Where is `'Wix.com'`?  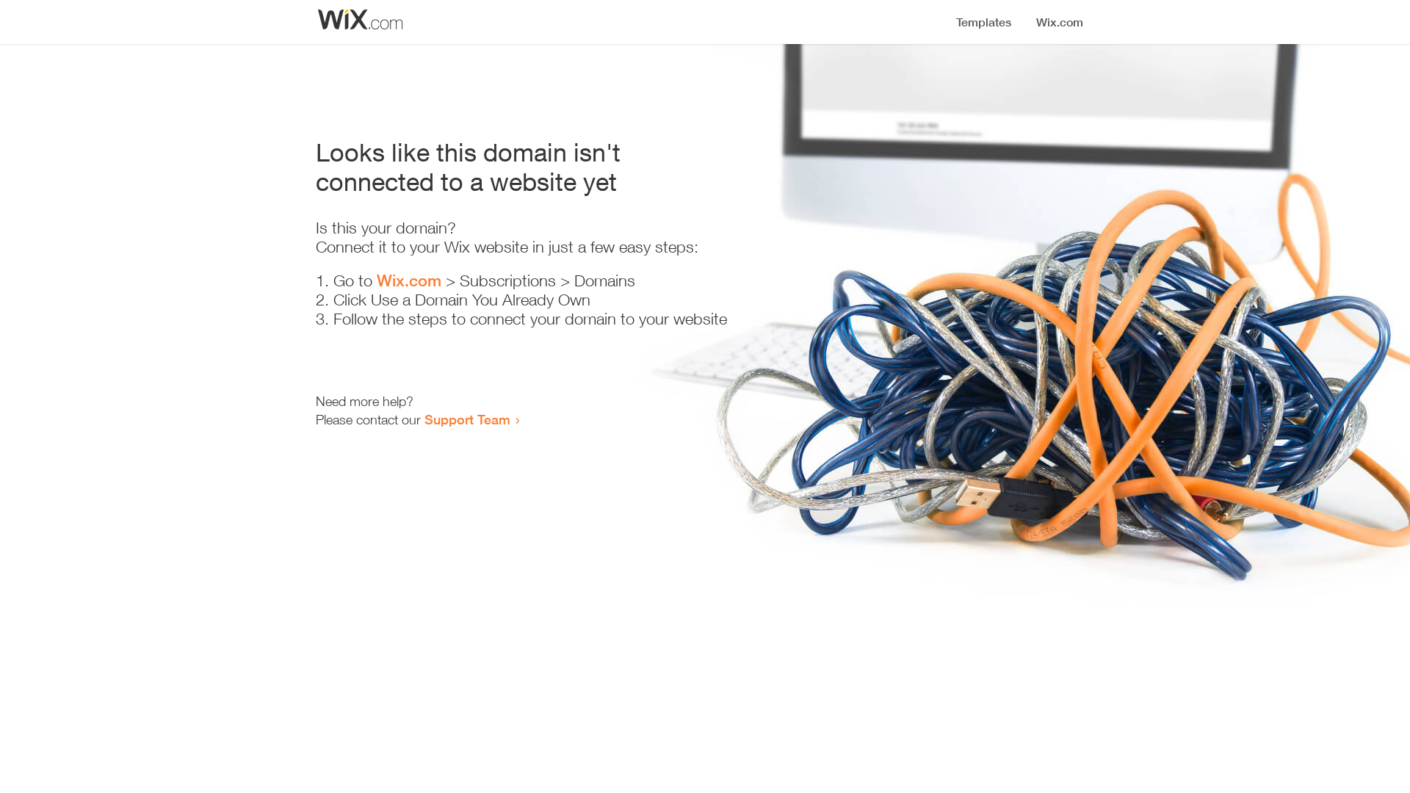 'Wix.com' is located at coordinates (408, 280).